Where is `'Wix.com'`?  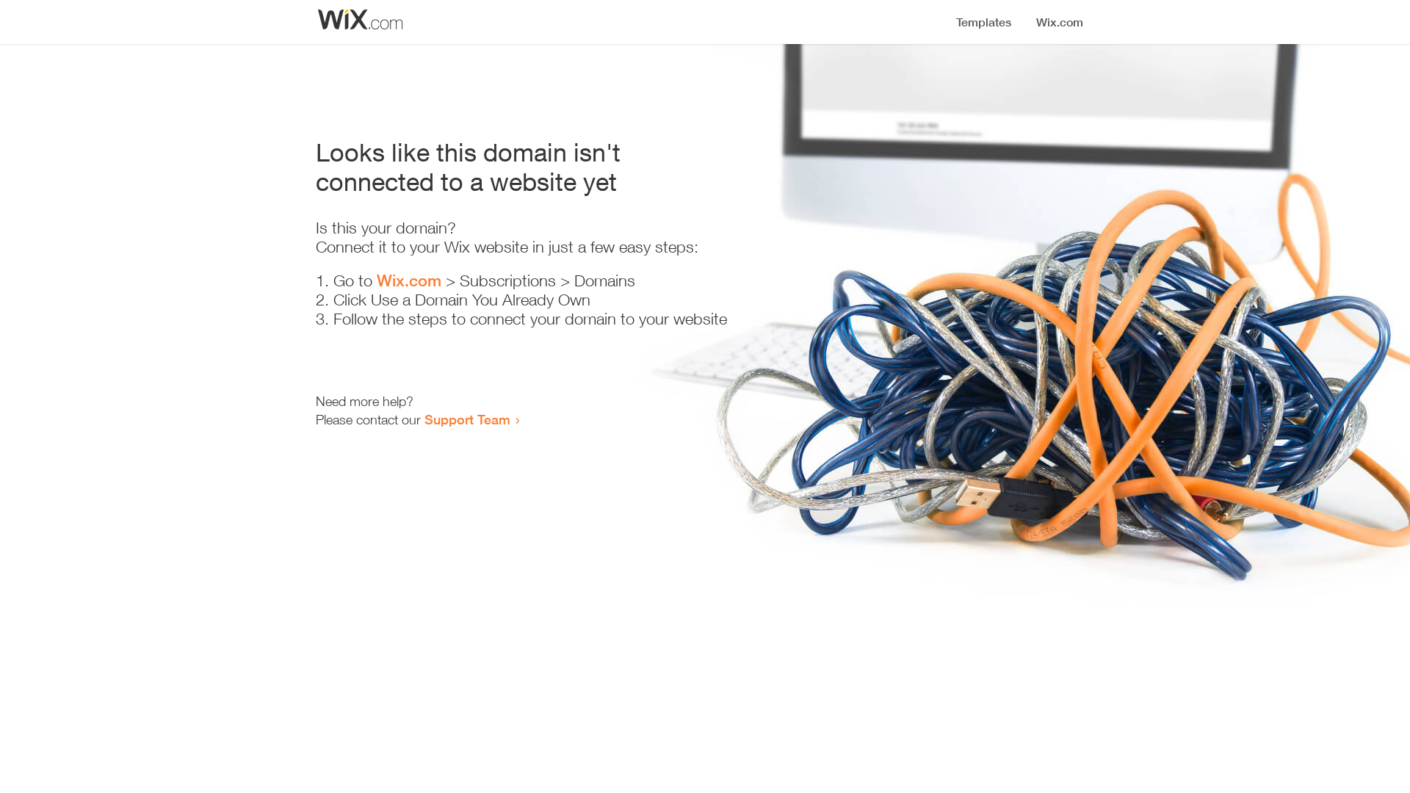 'Wix.com' is located at coordinates (408, 280).